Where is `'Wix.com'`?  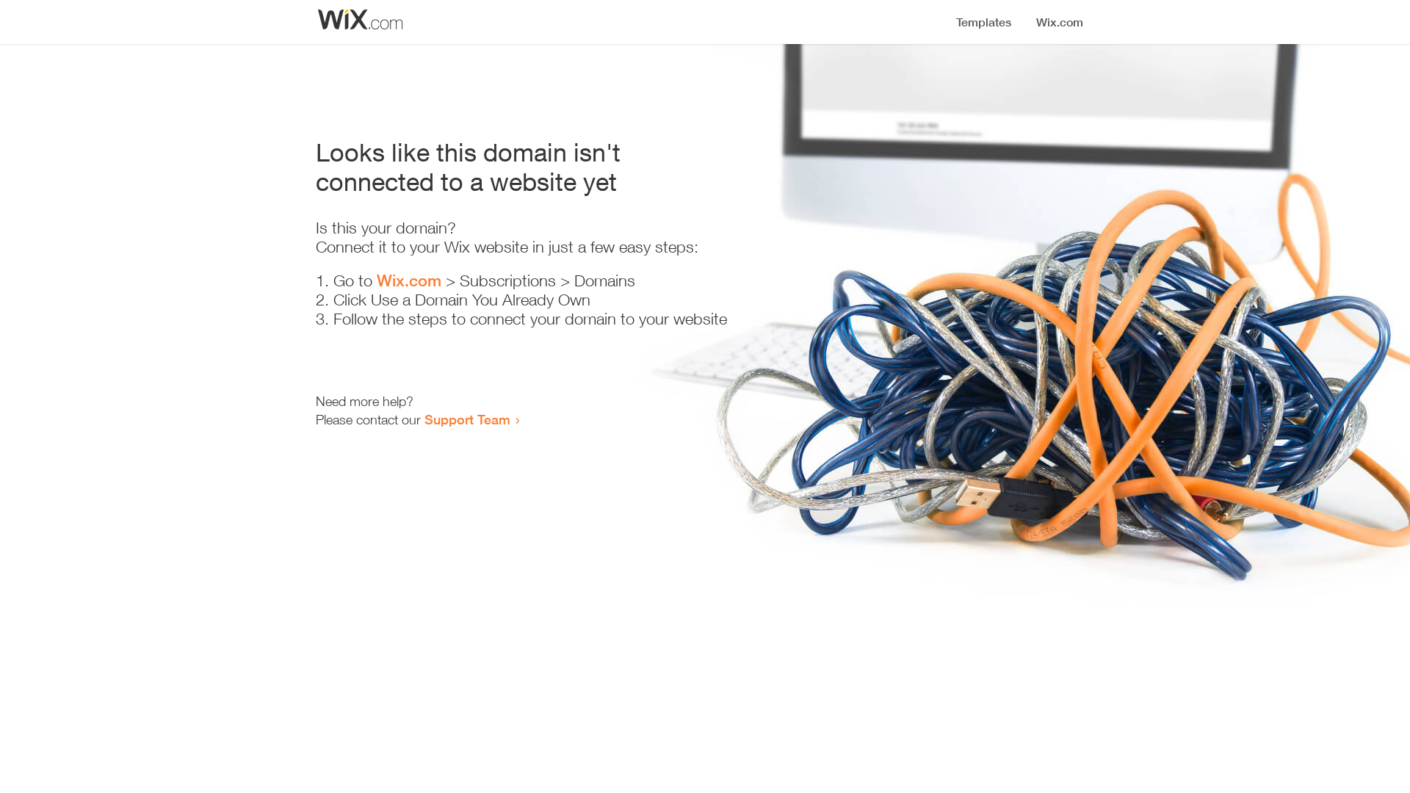 'Wix.com' is located at coordinates (408, 280).